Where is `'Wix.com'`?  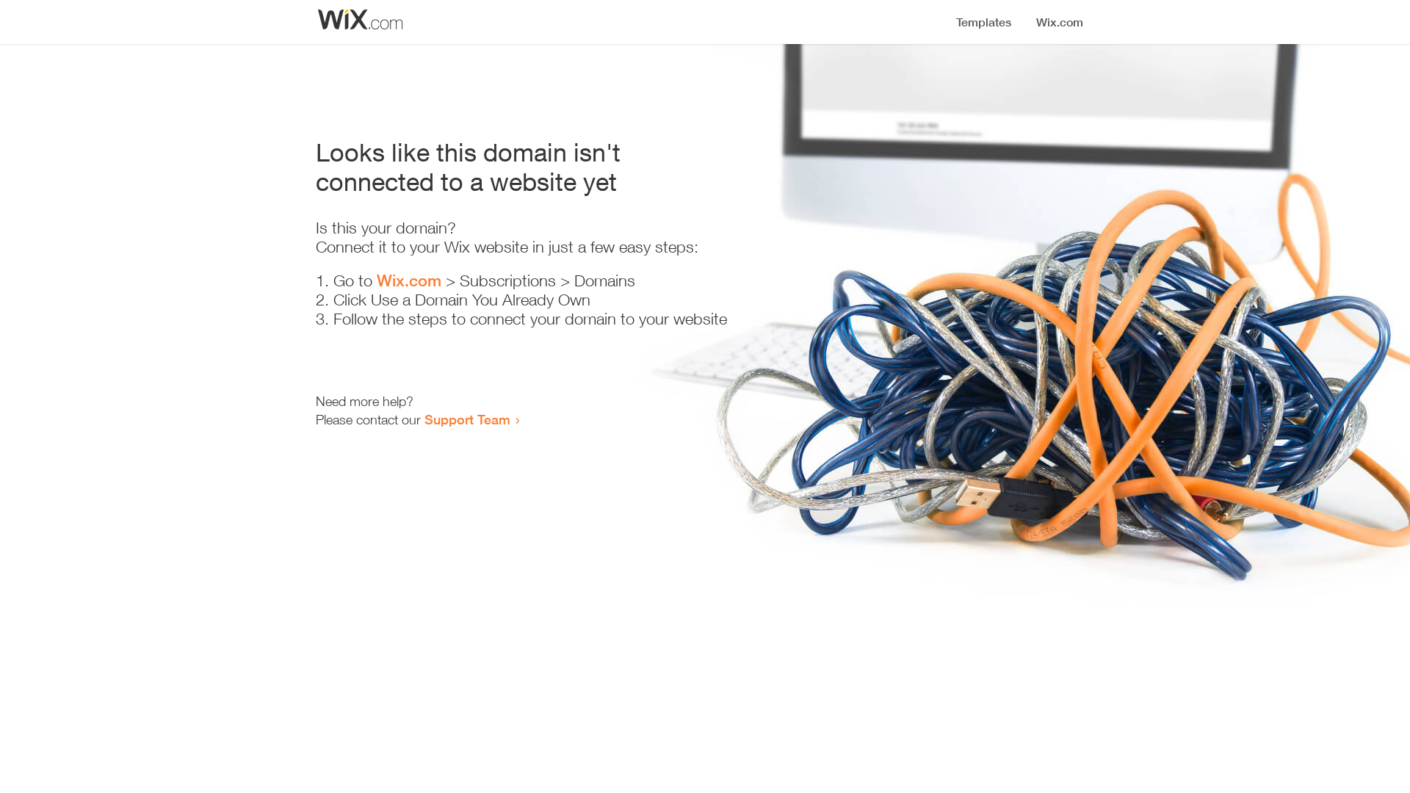 'Wix.com' is located at coordinates (408, 280).